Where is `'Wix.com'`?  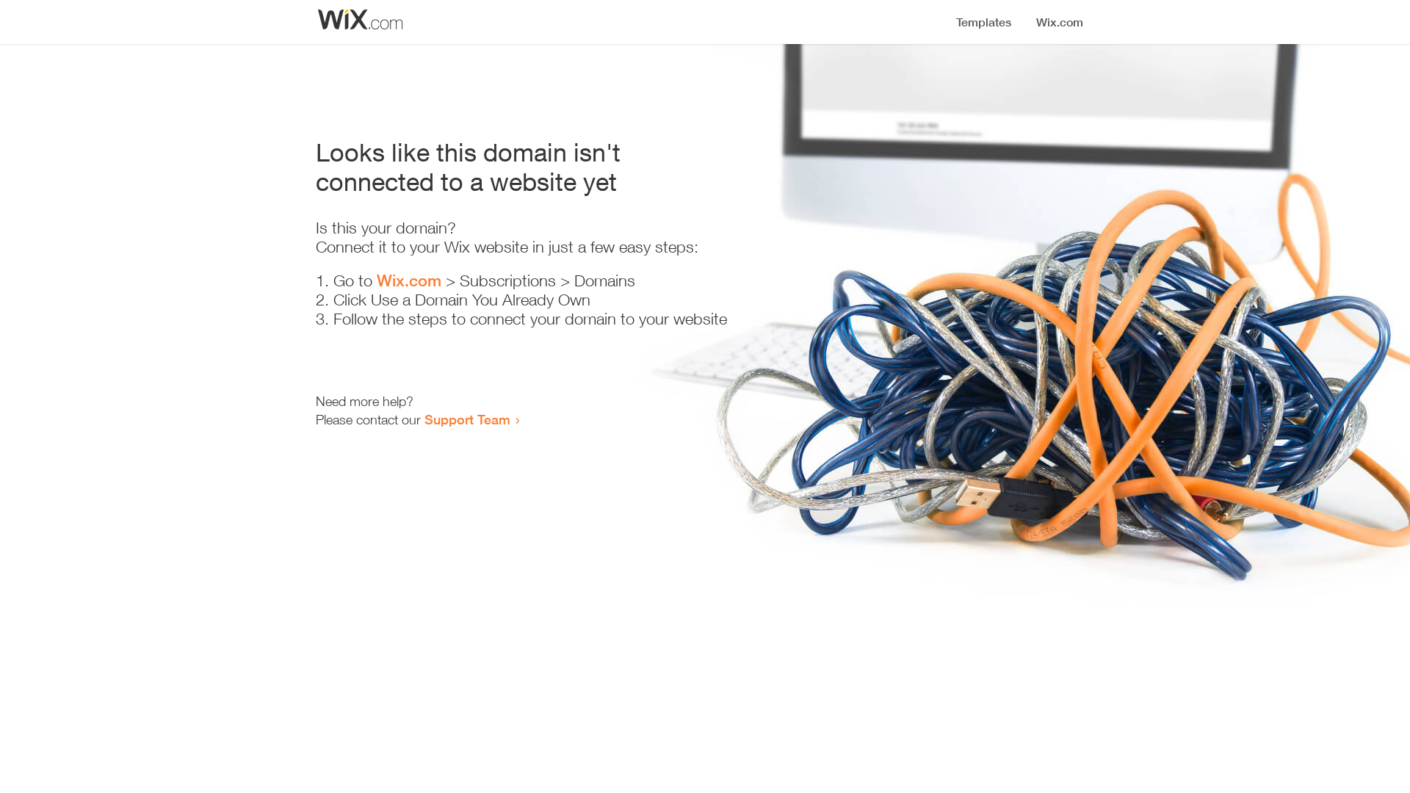 'Wix.com' is located at coordinates (408, 280).